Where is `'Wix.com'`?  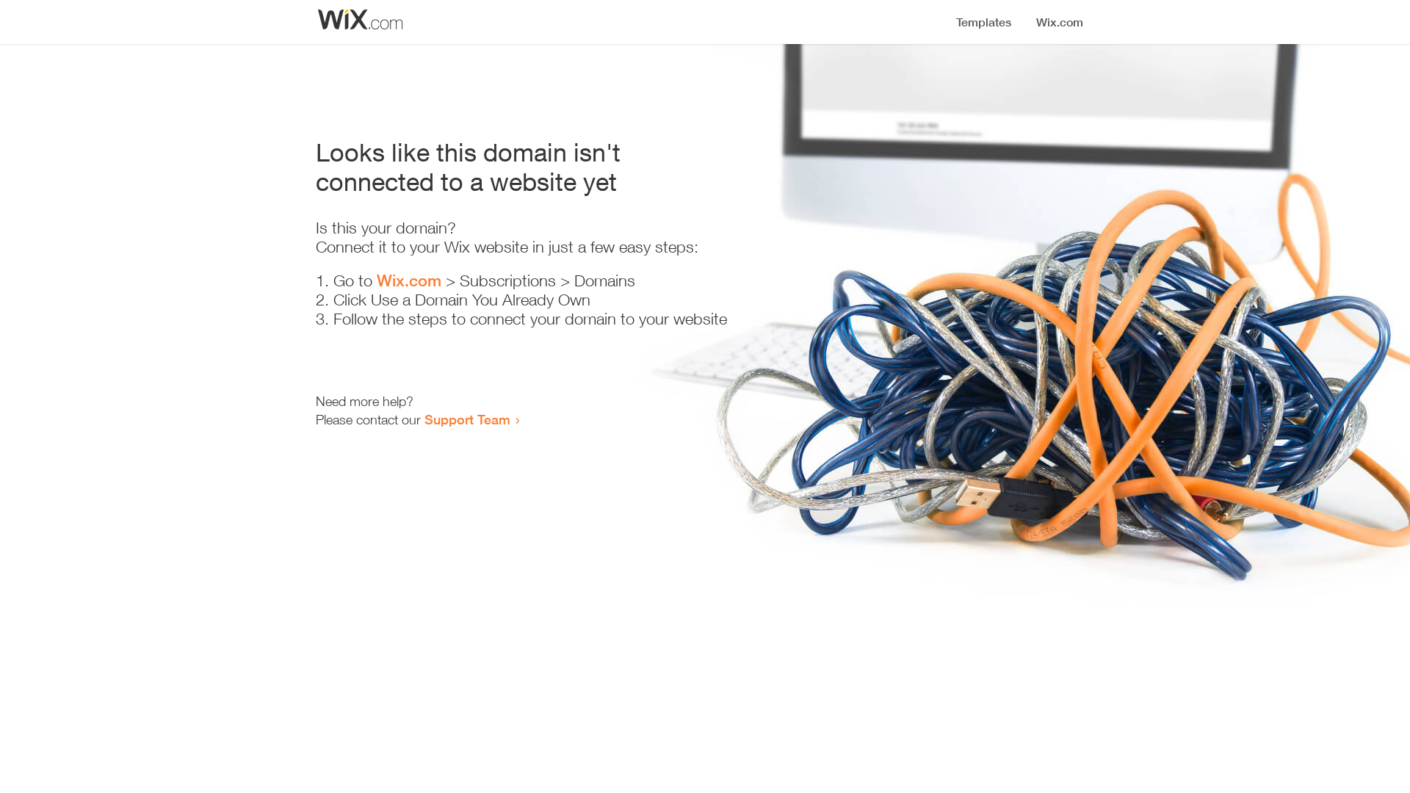 'Wix.com' is located at coordinates (408, 280).